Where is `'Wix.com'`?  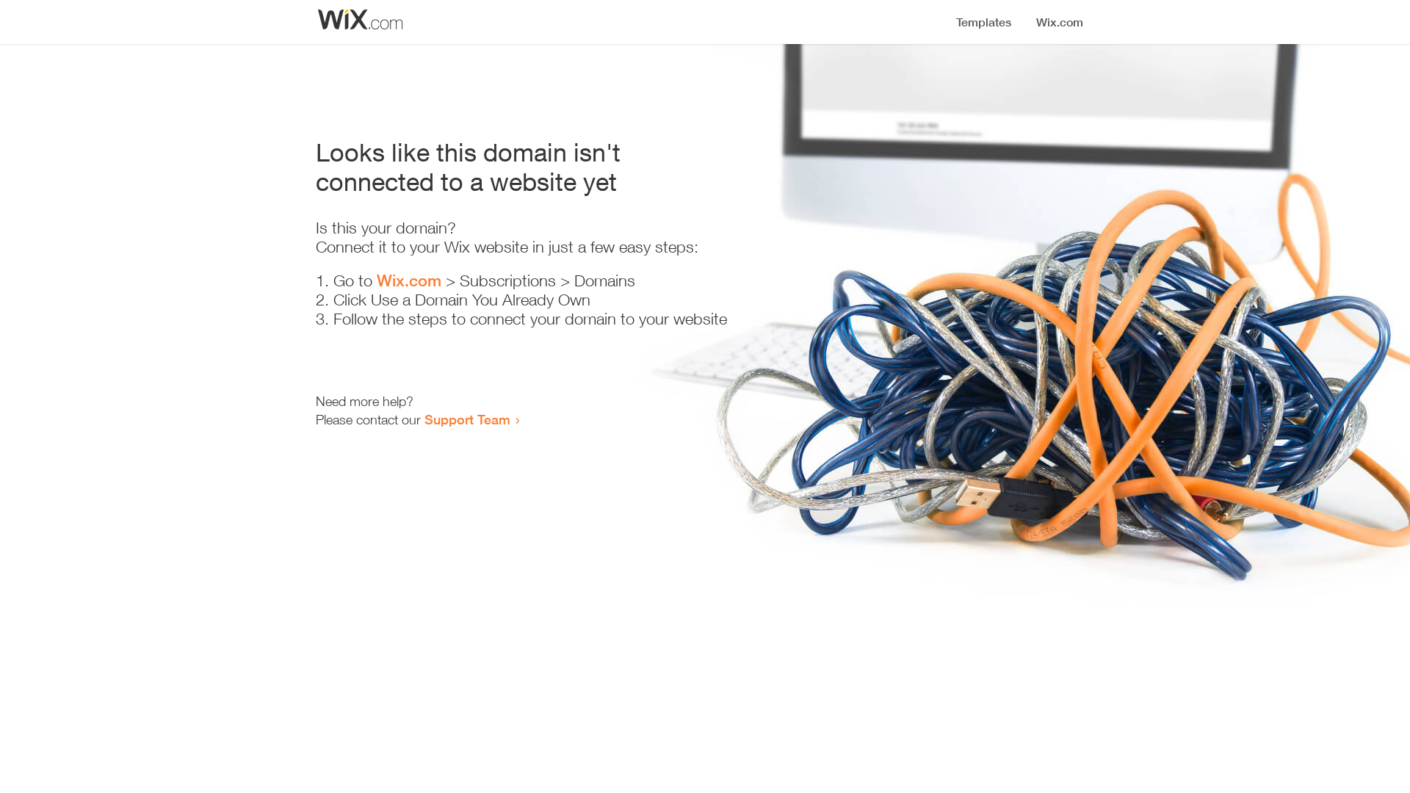 'Wix.com' is located at coordinates (408, 280).